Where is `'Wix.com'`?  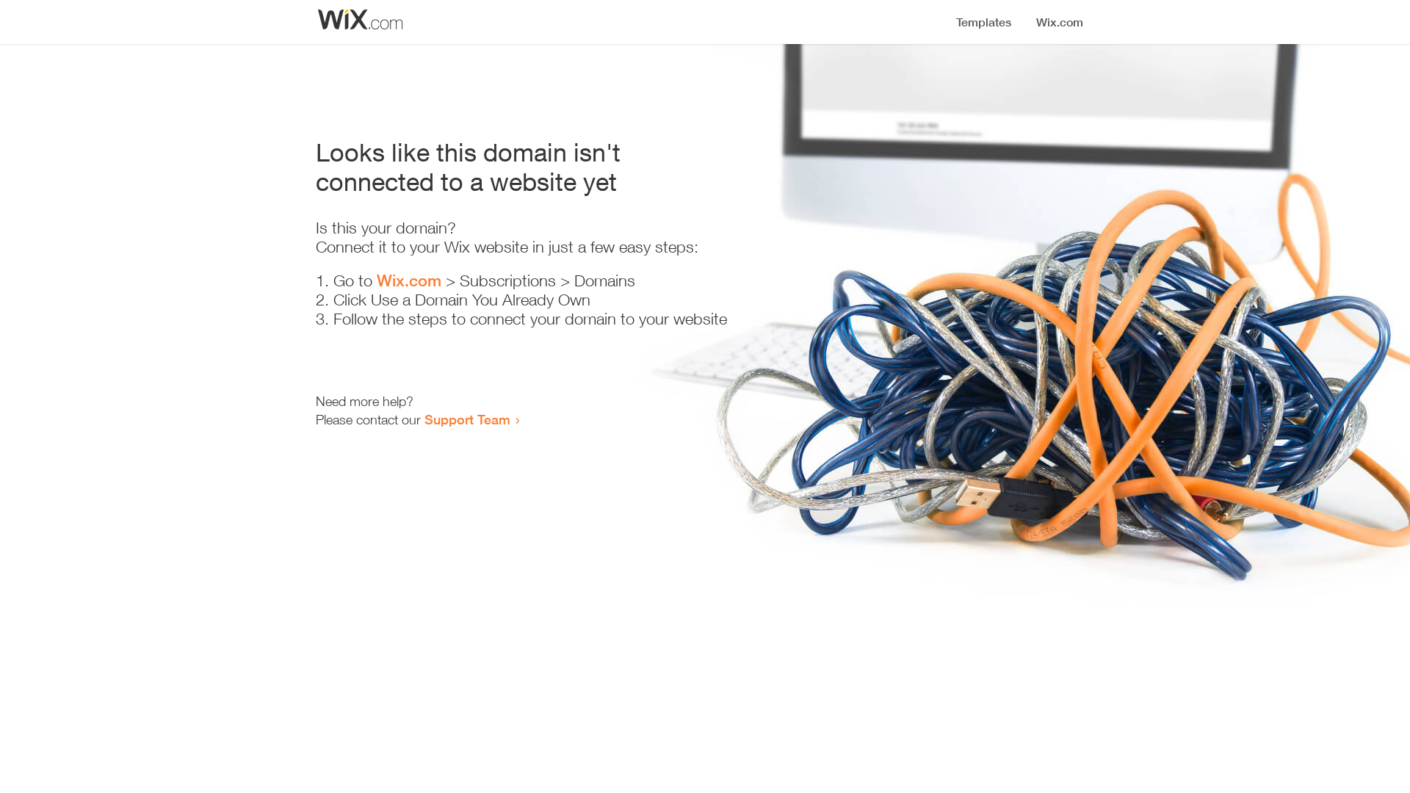 'Wix.com' is located at coordinates (408, 280).